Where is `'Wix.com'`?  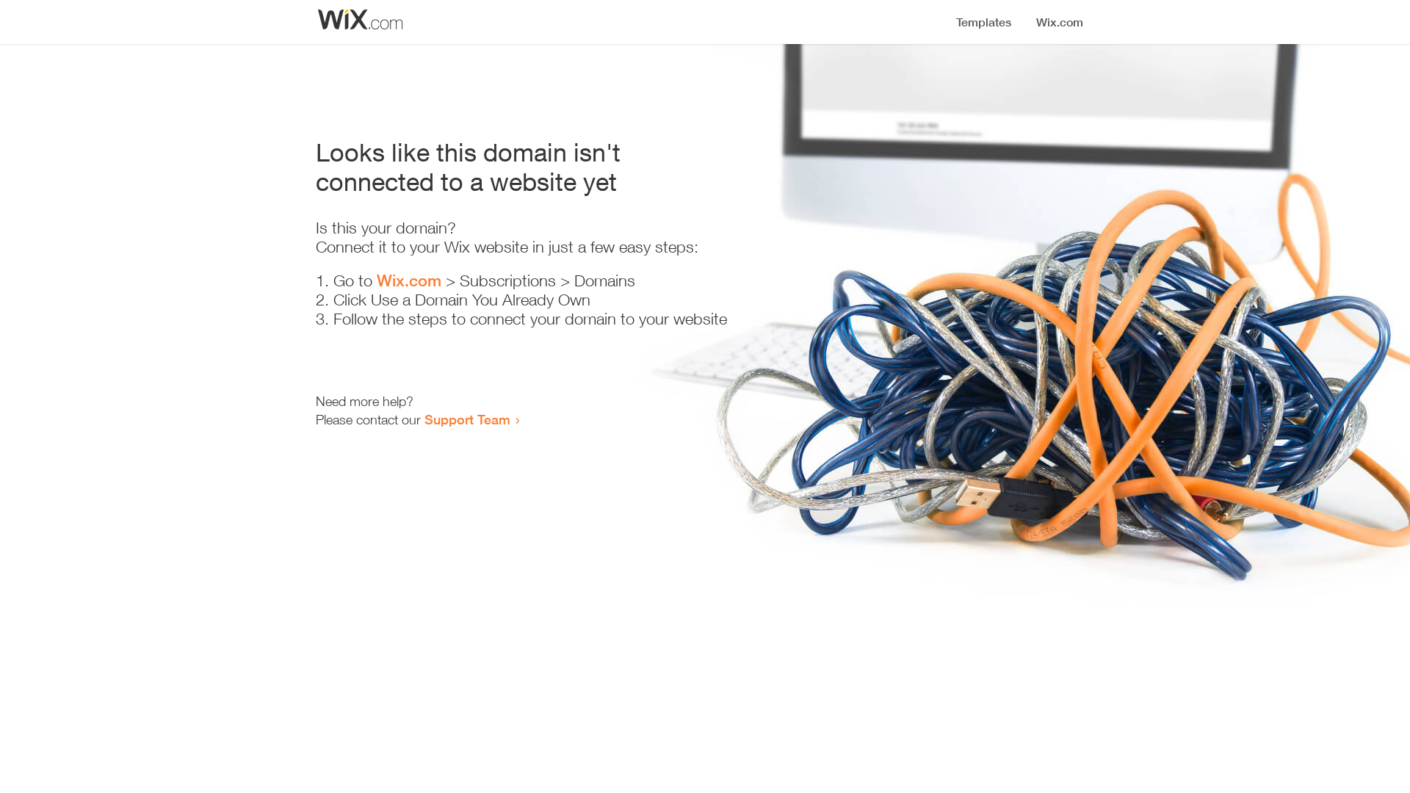 'Wix.com' is located at coordinates (408, 280).